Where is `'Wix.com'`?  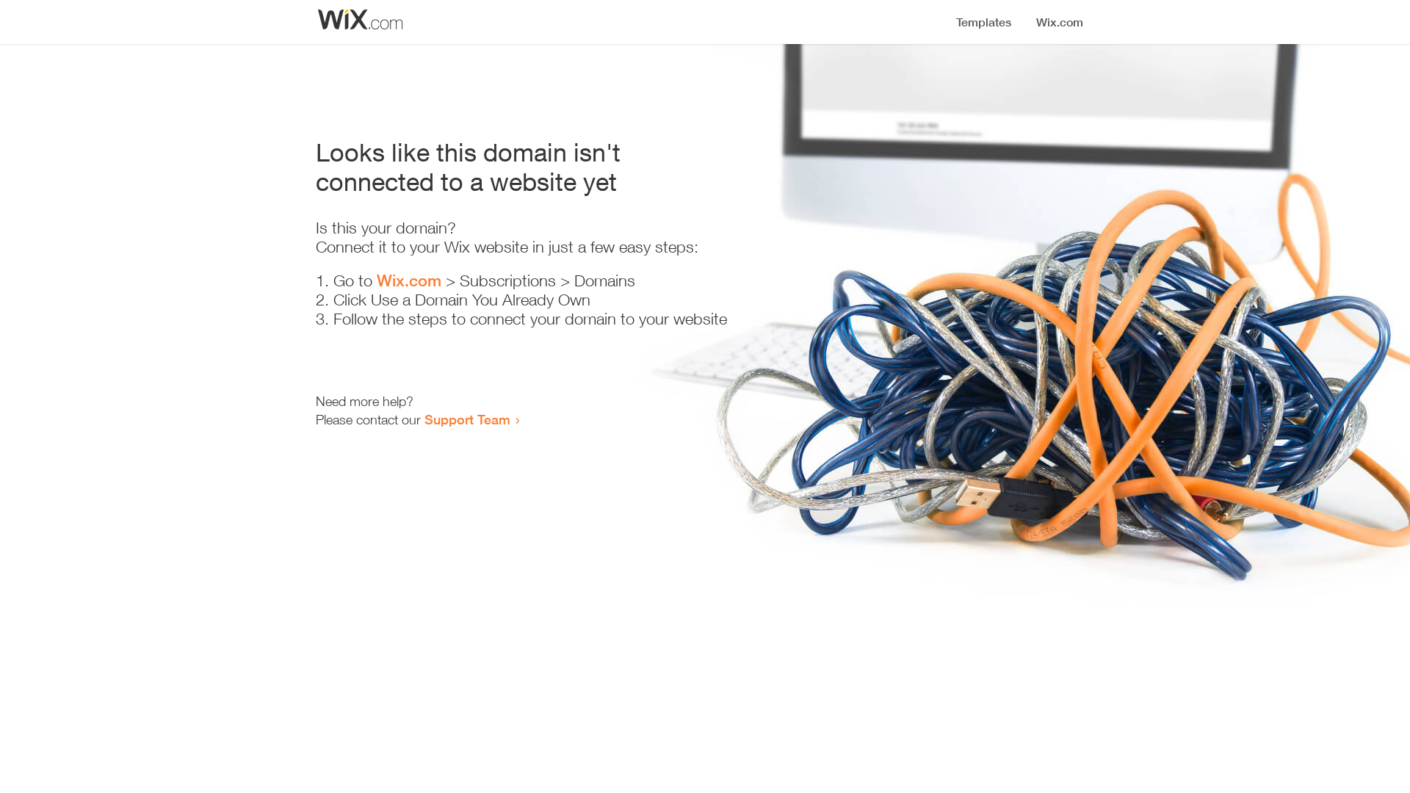 'Wix.com' is located at coordinates (408, 280).